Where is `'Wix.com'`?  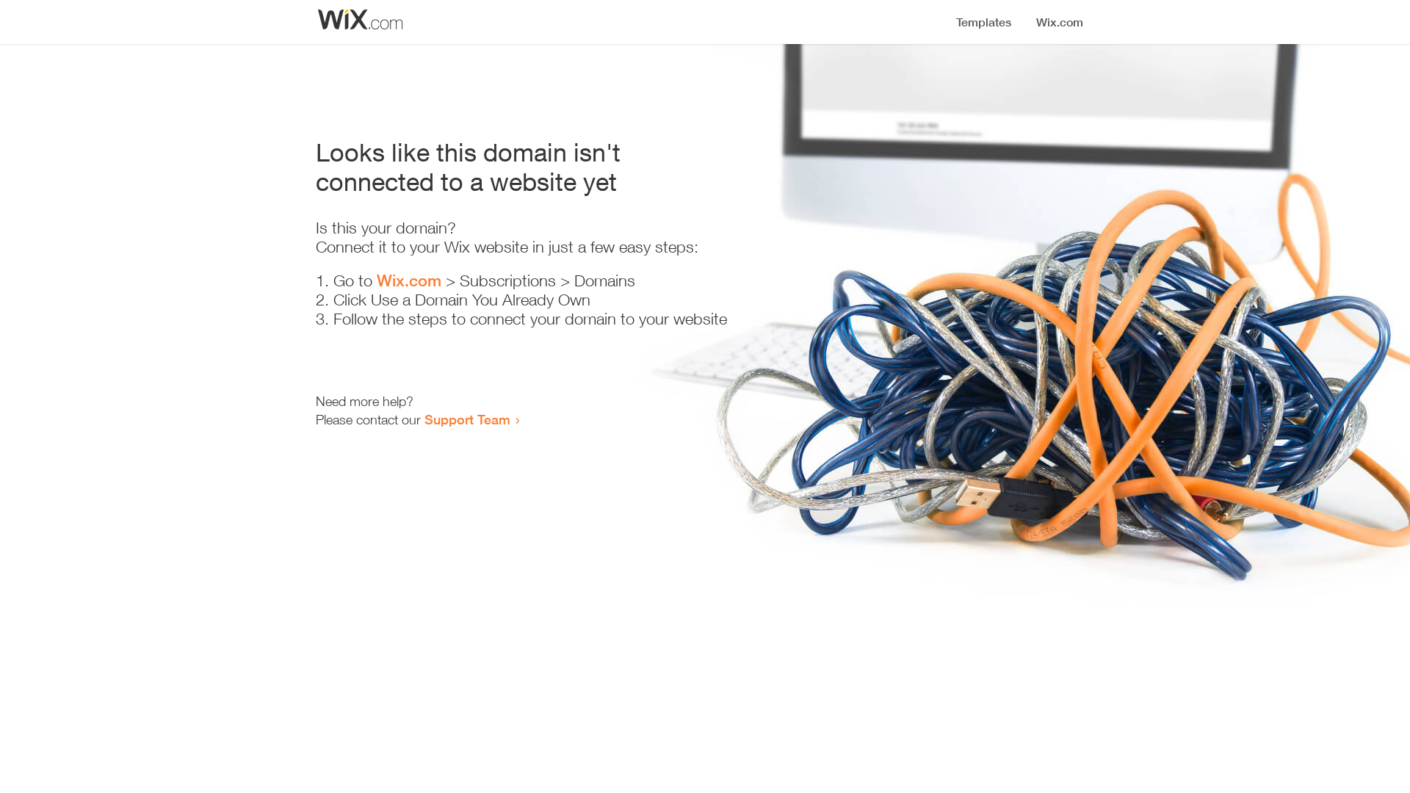 'Wix.com' is located at coordinates (408, 280).